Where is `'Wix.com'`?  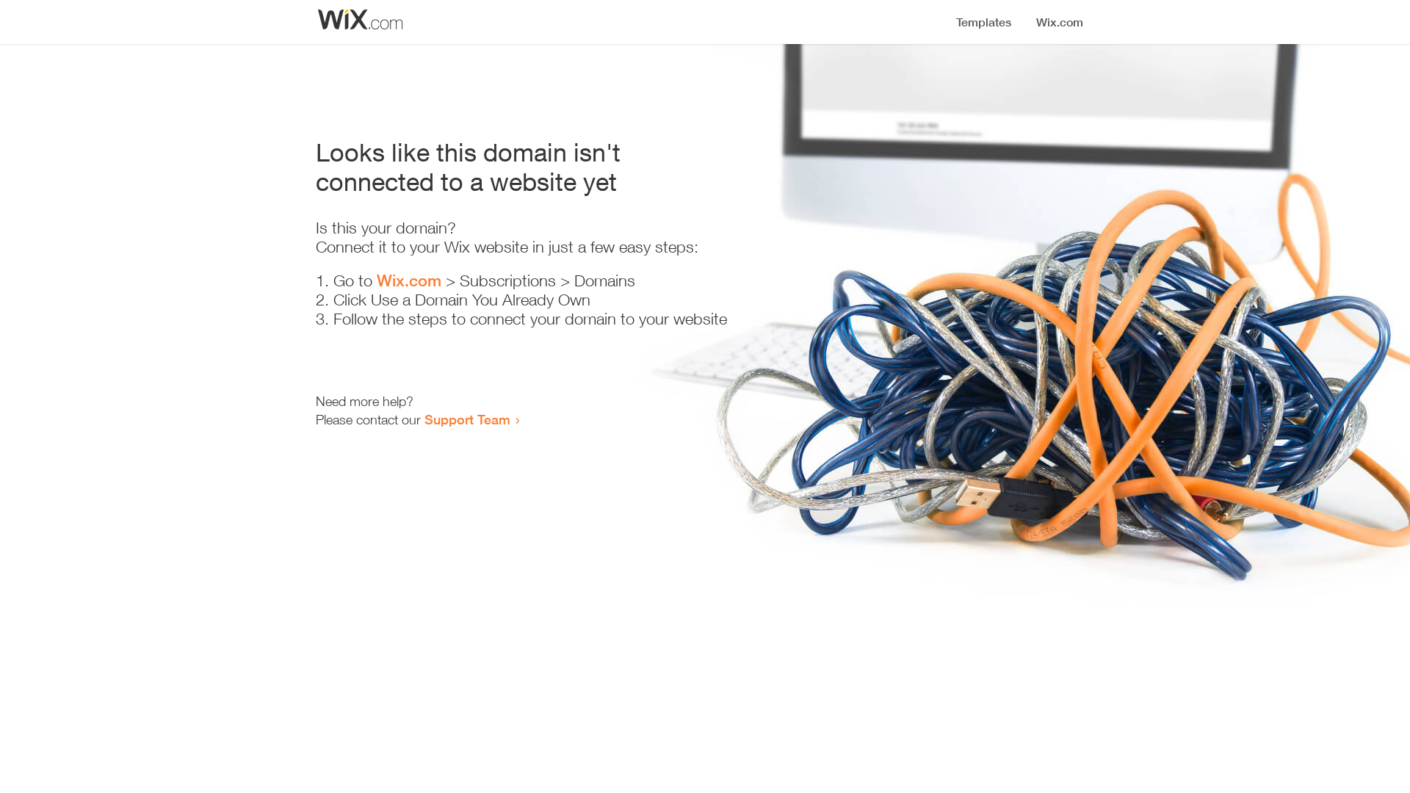 'Wix.com' is located at coordinates (408, 280).